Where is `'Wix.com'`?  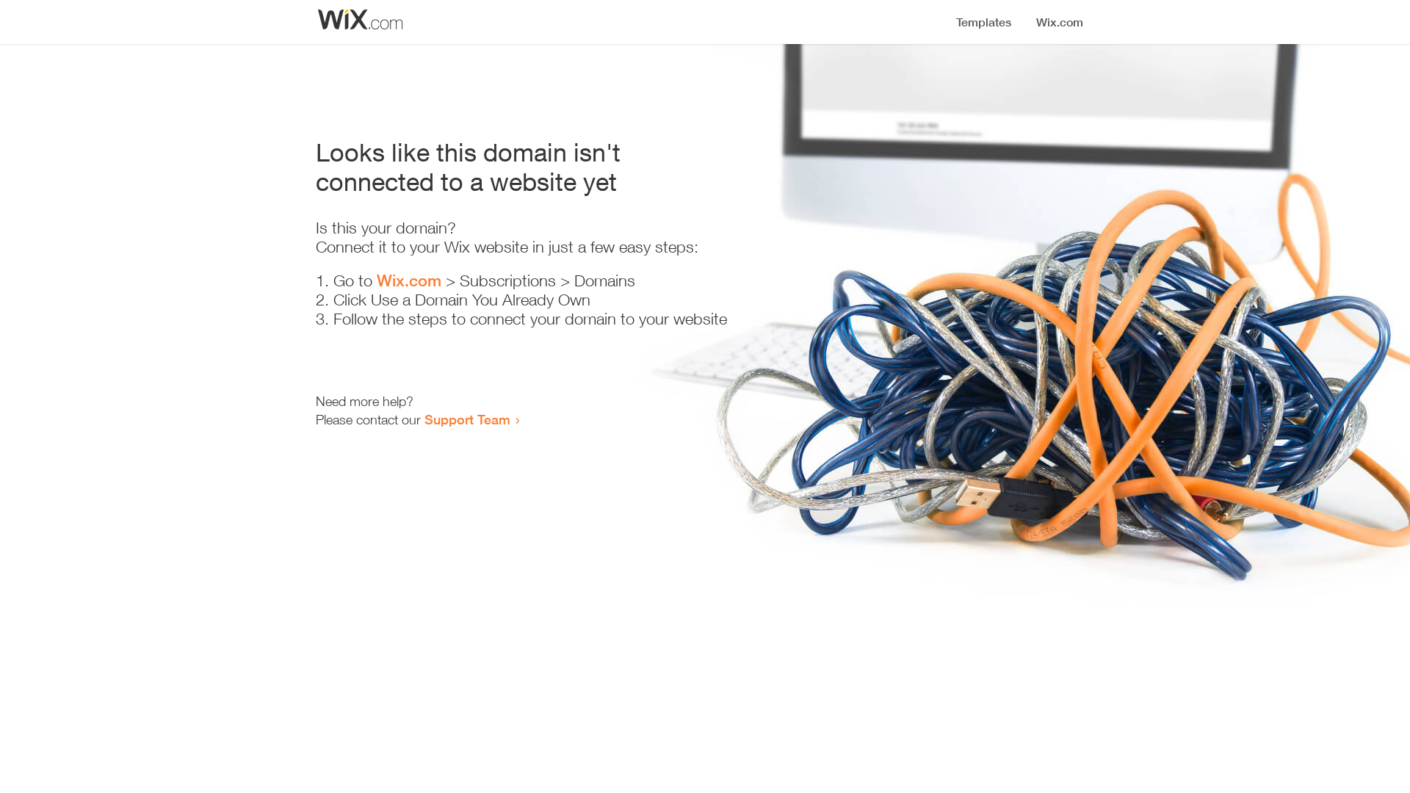 'Wix.com' is located at coordinates (408, 280).